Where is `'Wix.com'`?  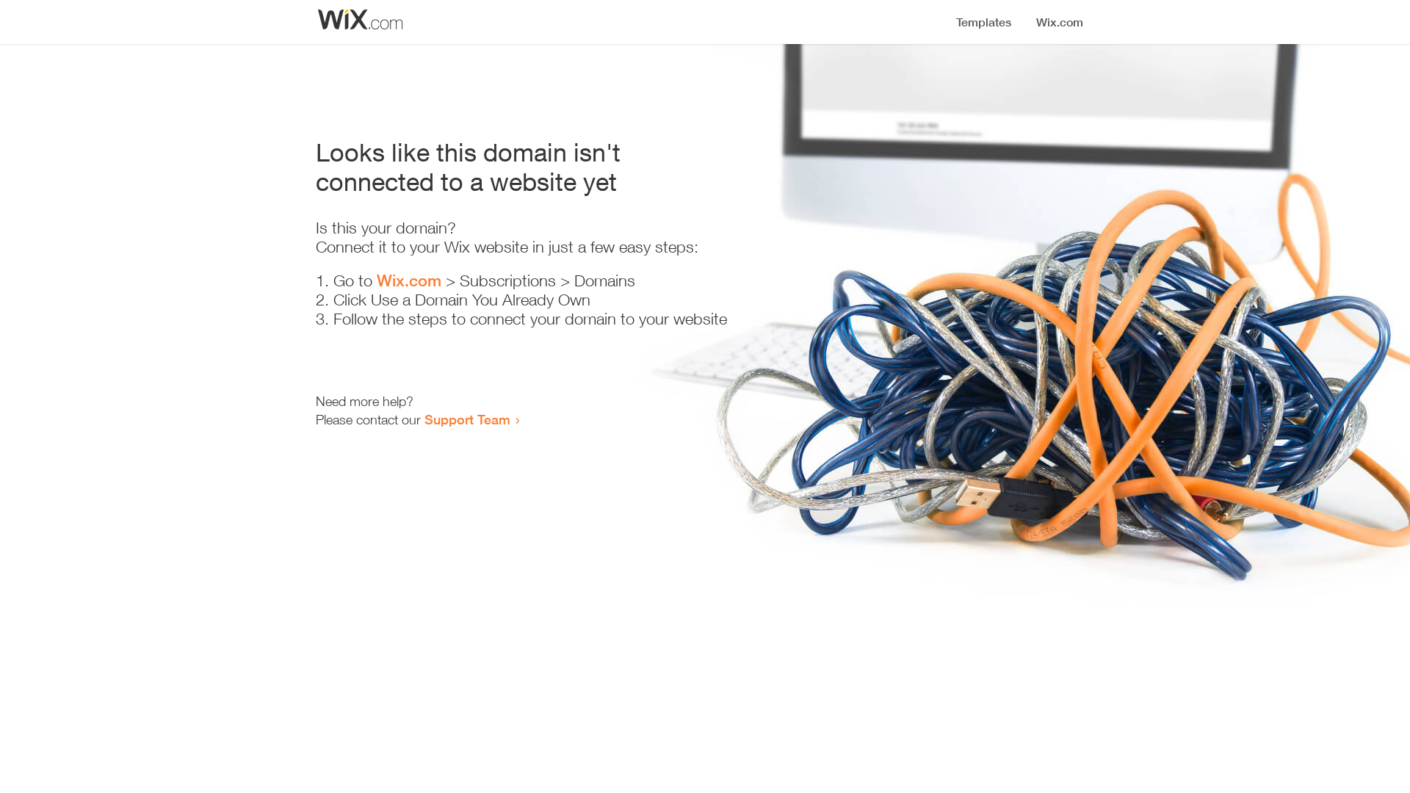 'Wix.com' is located at coordinates (408, 280).